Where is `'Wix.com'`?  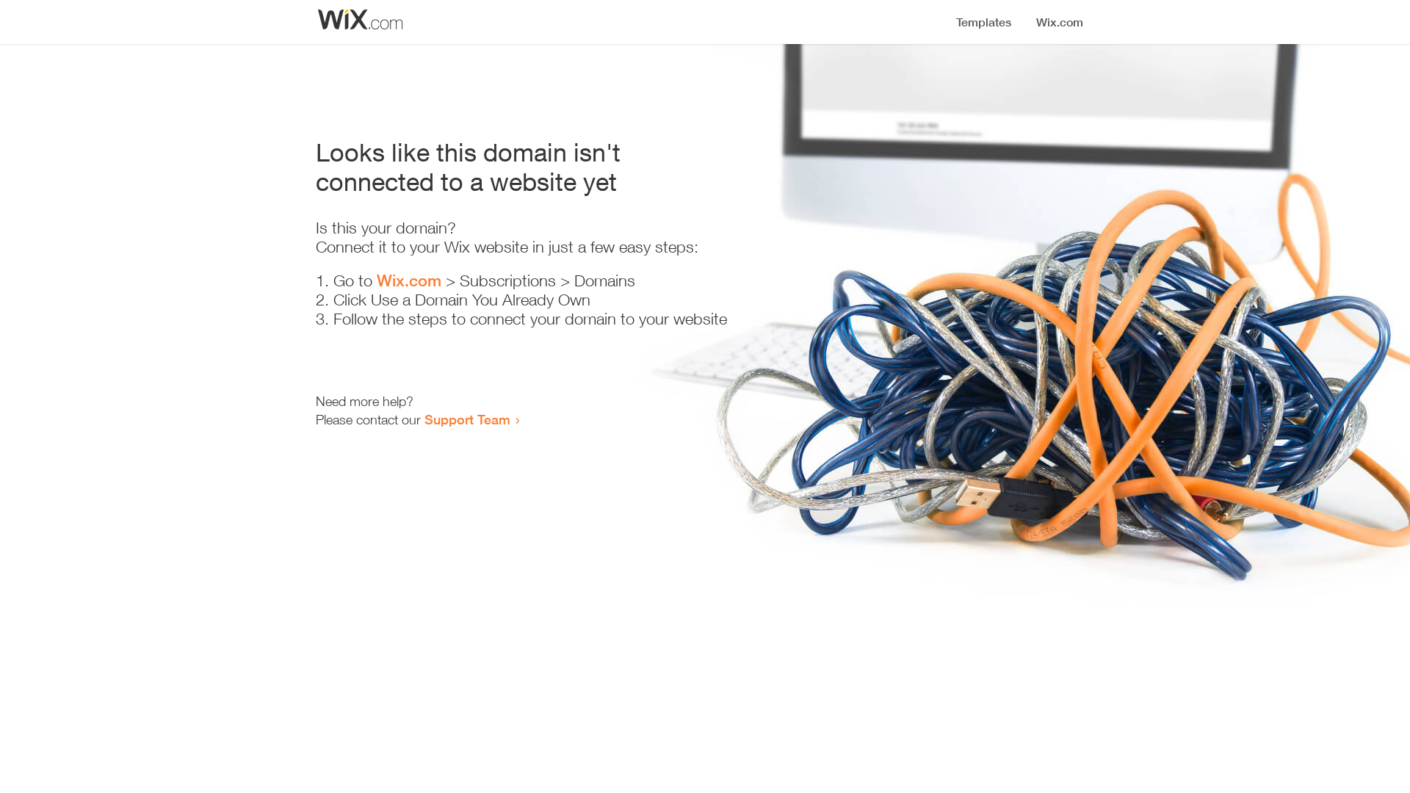 'Wix.com' is located at coordinates (408, 280).